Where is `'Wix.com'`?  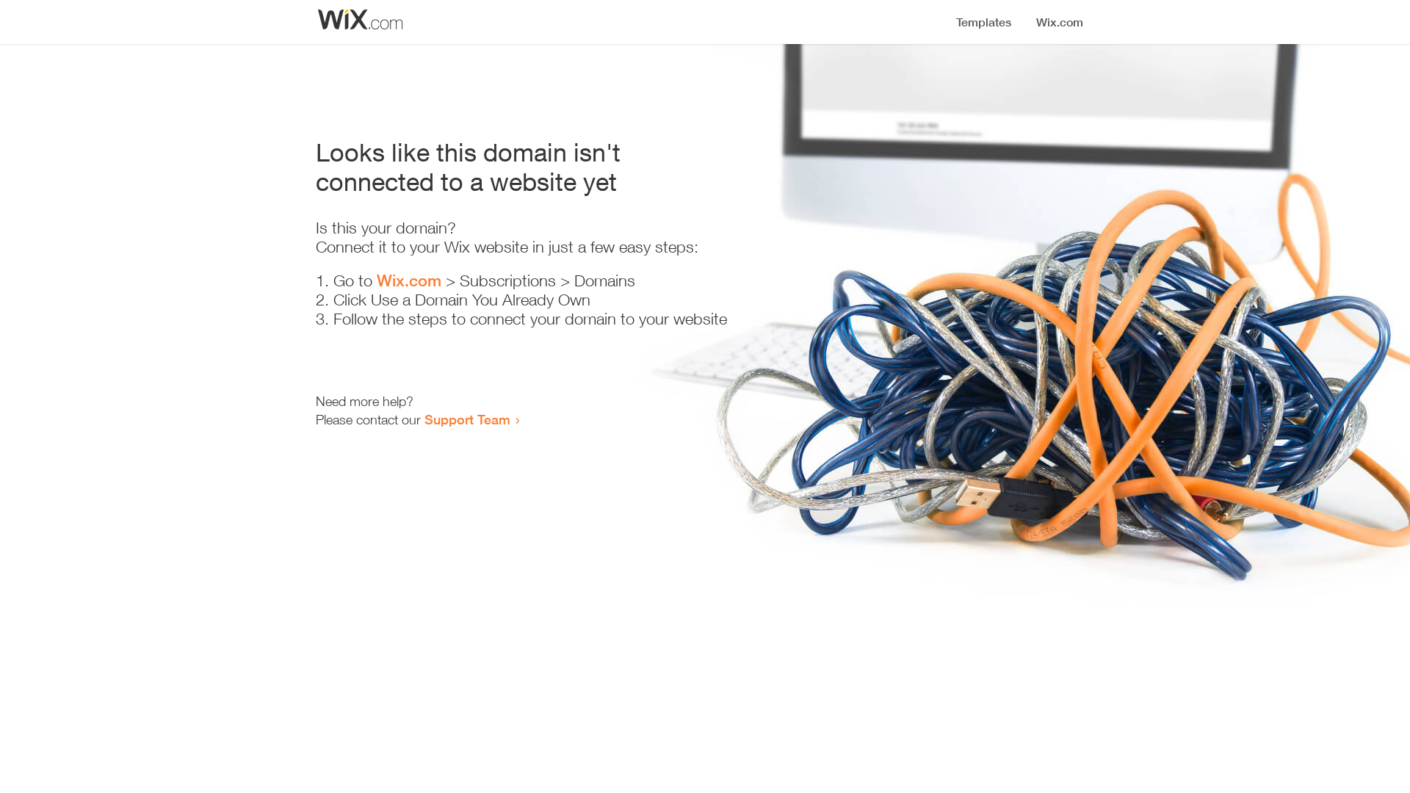 'Wix.com' is located at coordinates (408, 280).